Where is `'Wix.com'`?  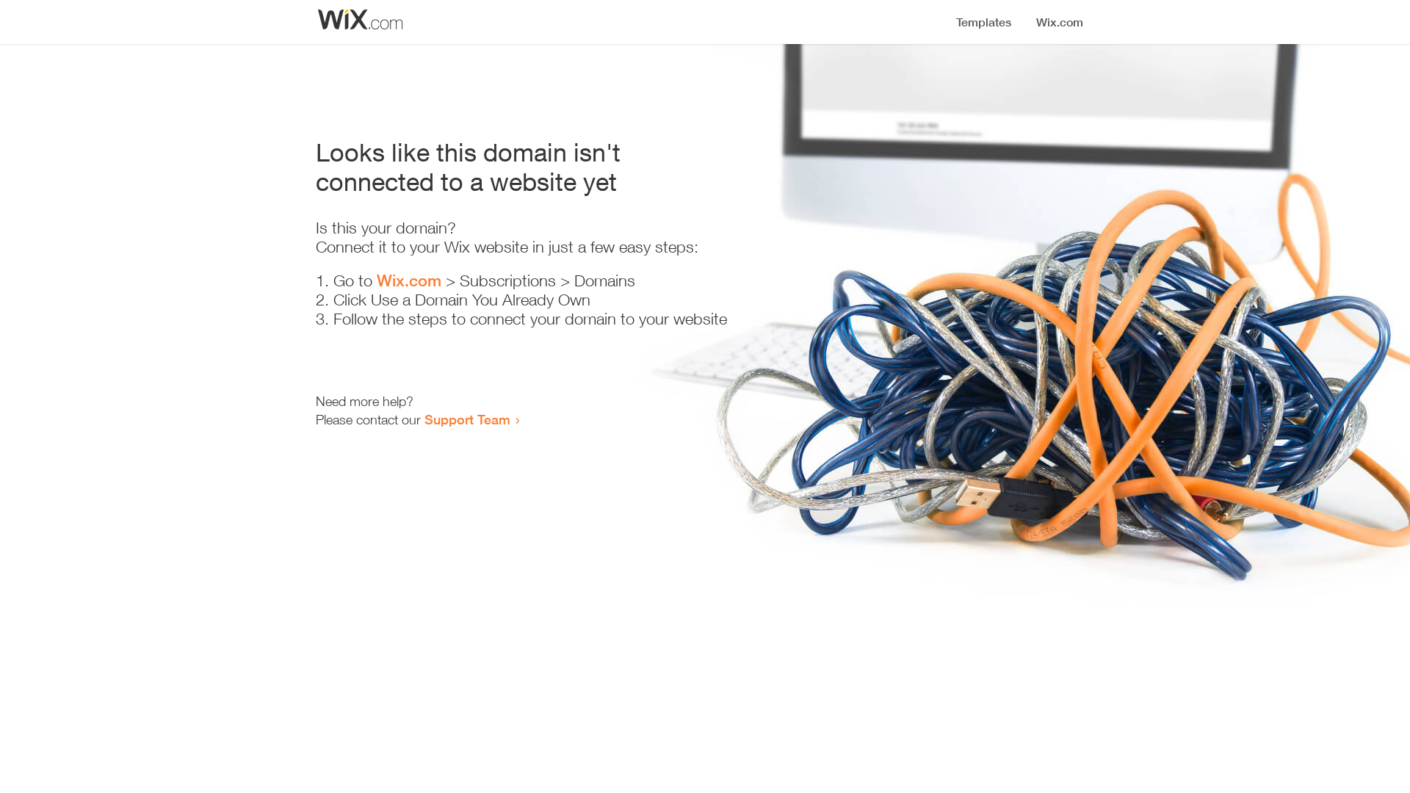 'Wix.com' is located at coordinates (408, 280).